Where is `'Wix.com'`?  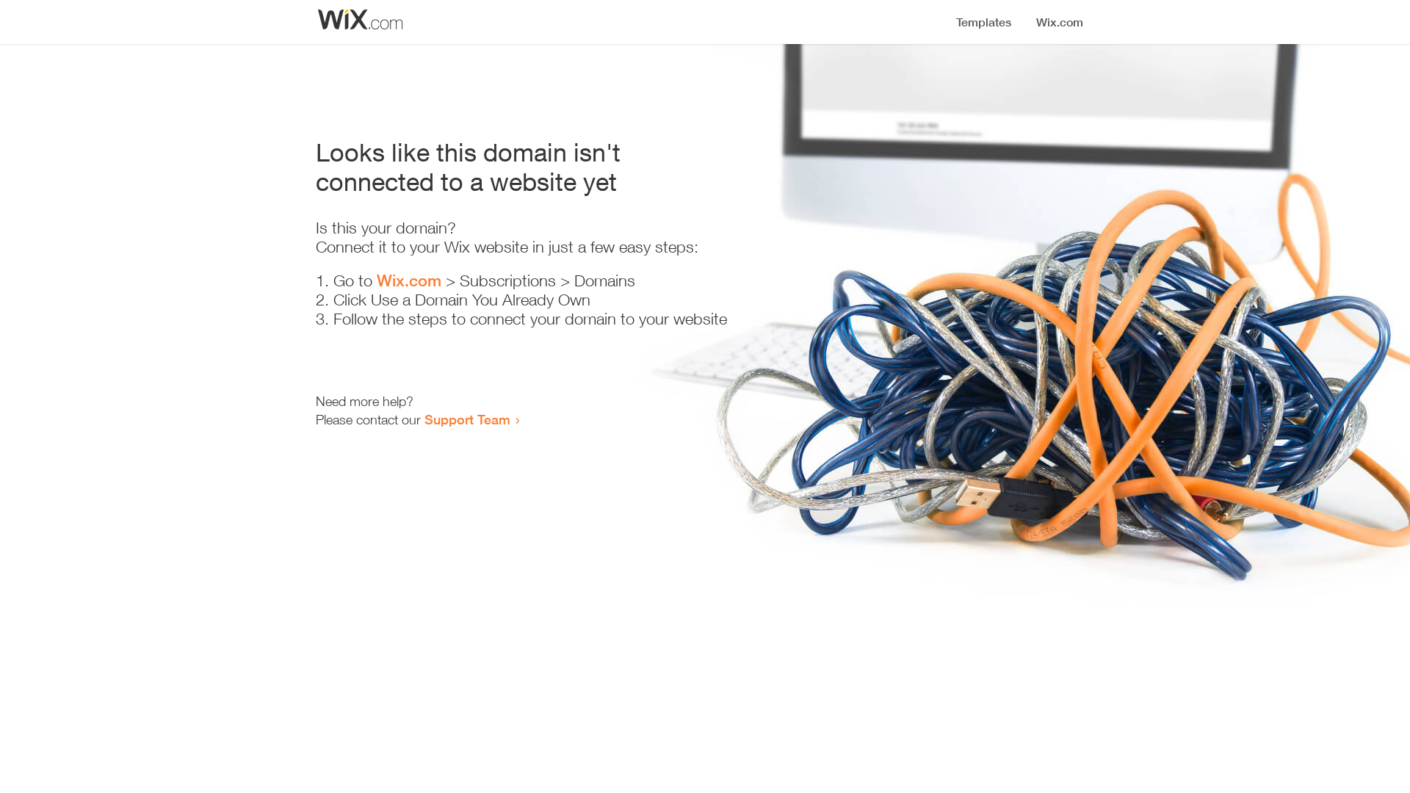 'Wix.com' is located at coordinates (408, 280).